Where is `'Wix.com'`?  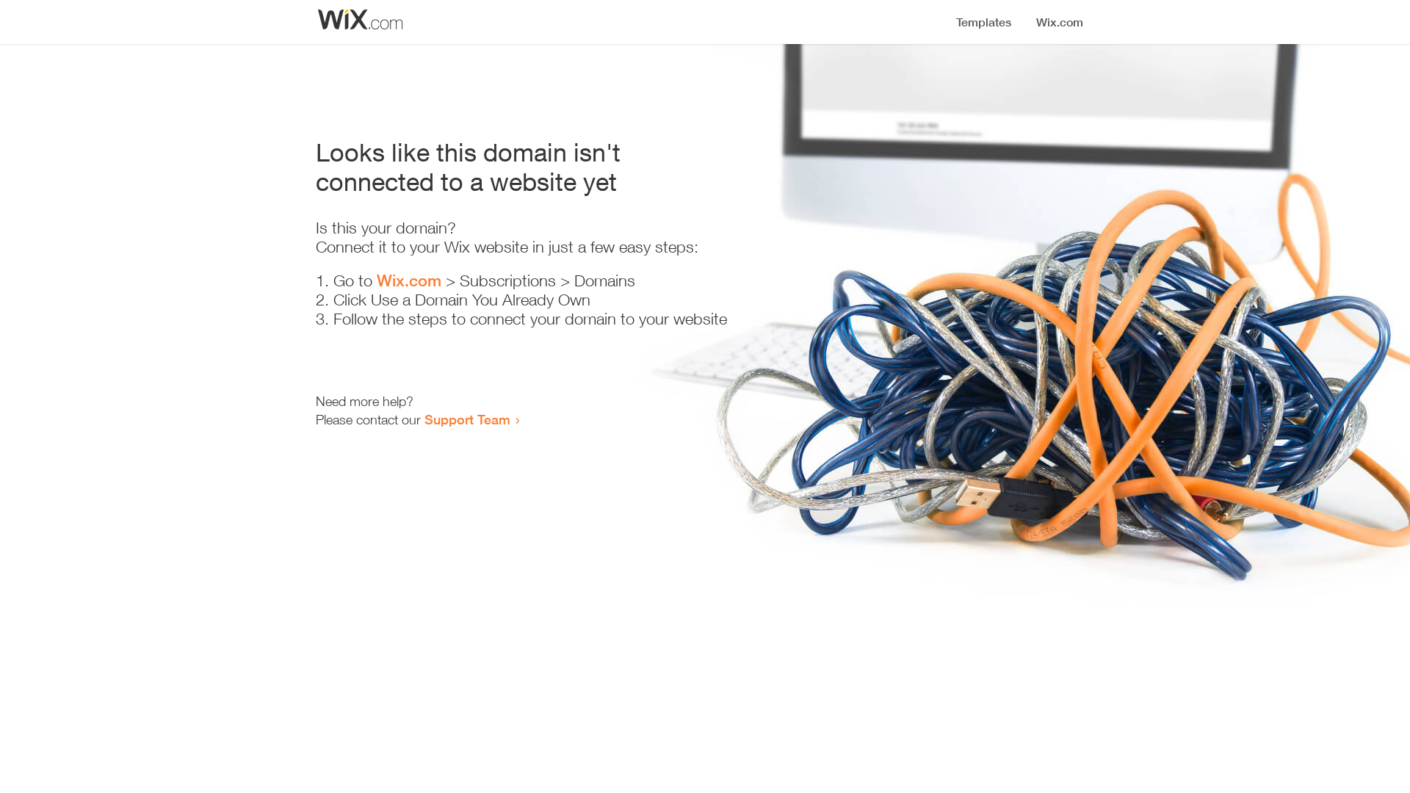 'Wix.com' is located at coordinates (408, 280).